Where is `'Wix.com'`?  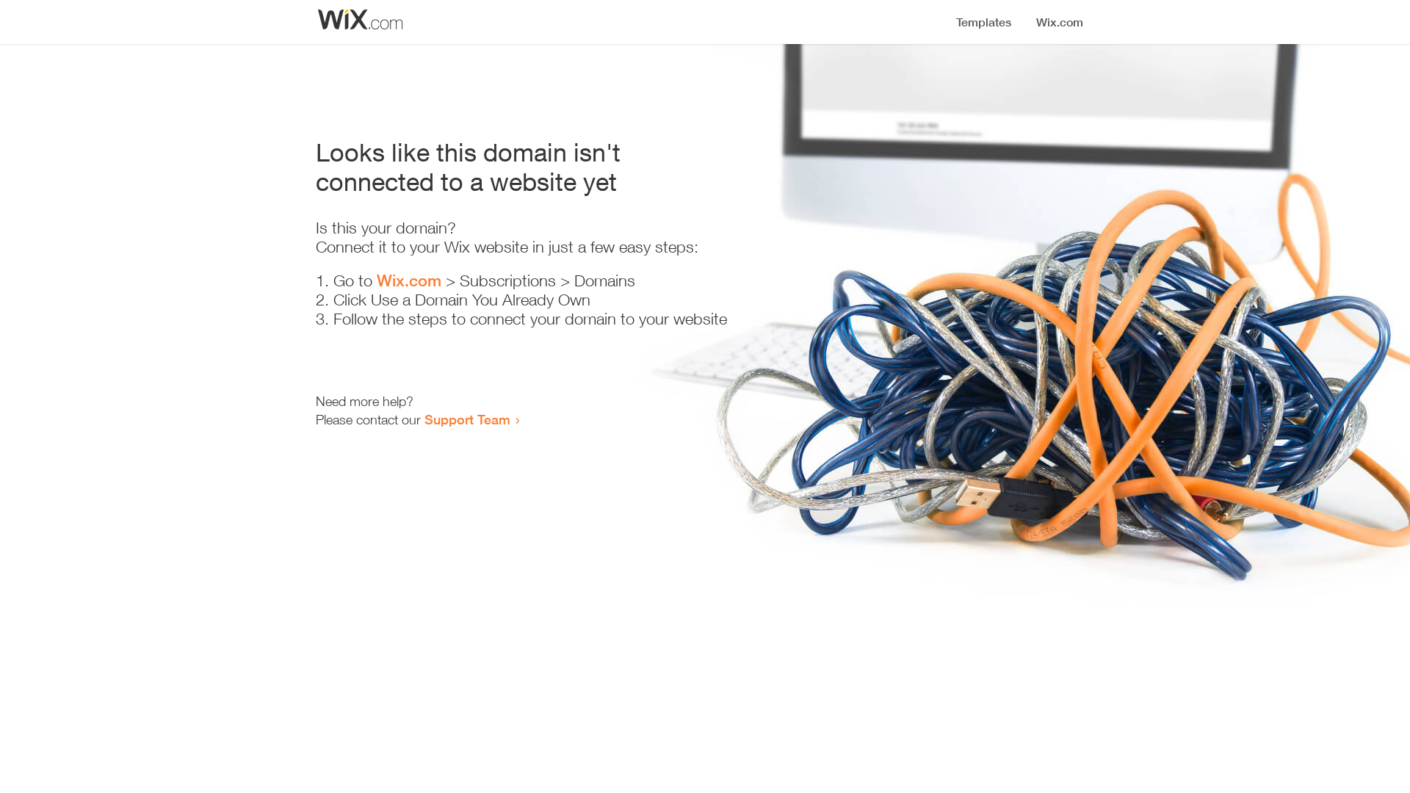 'Wix.com' is located at coordinates (408, 280).